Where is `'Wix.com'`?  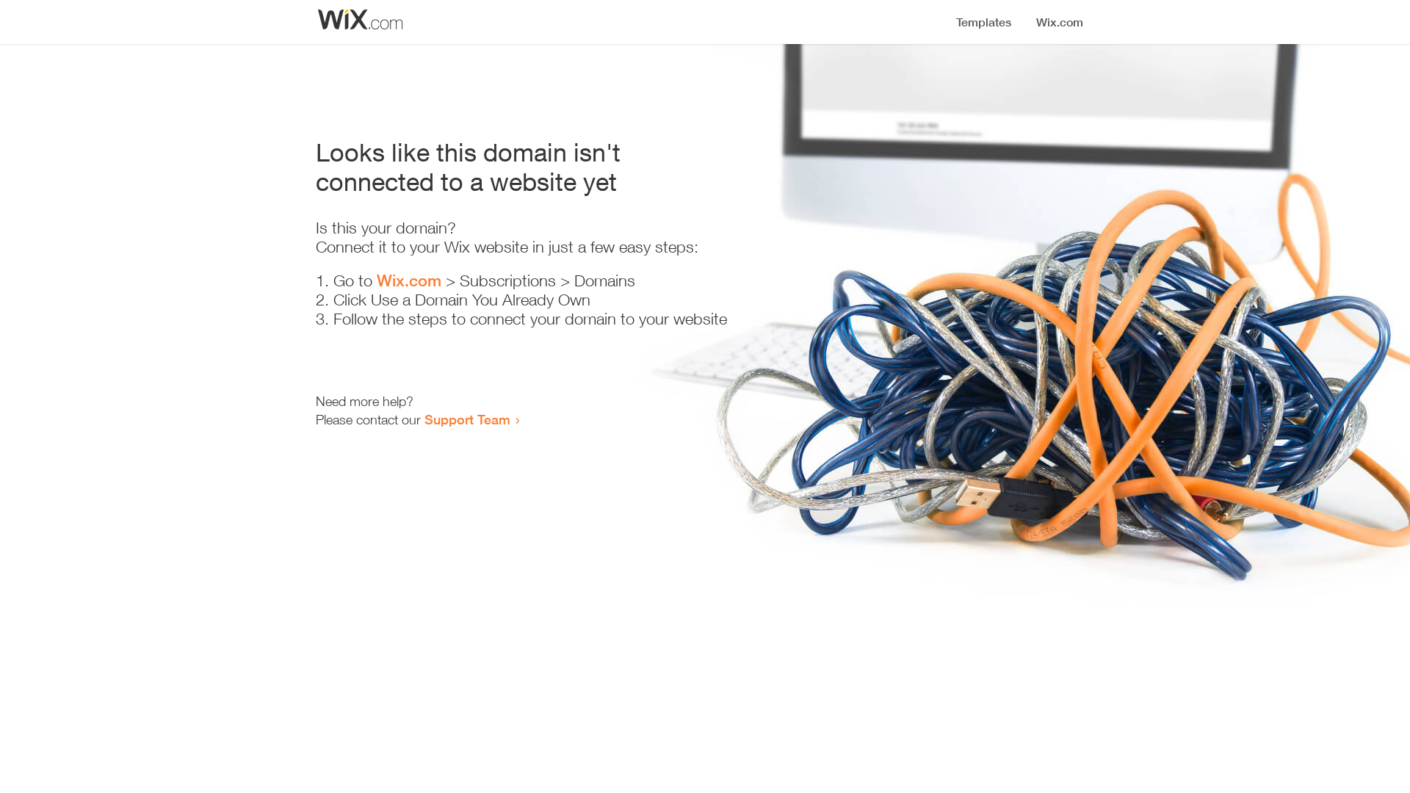 'Wix.com' is located at coordinates (408, 280).